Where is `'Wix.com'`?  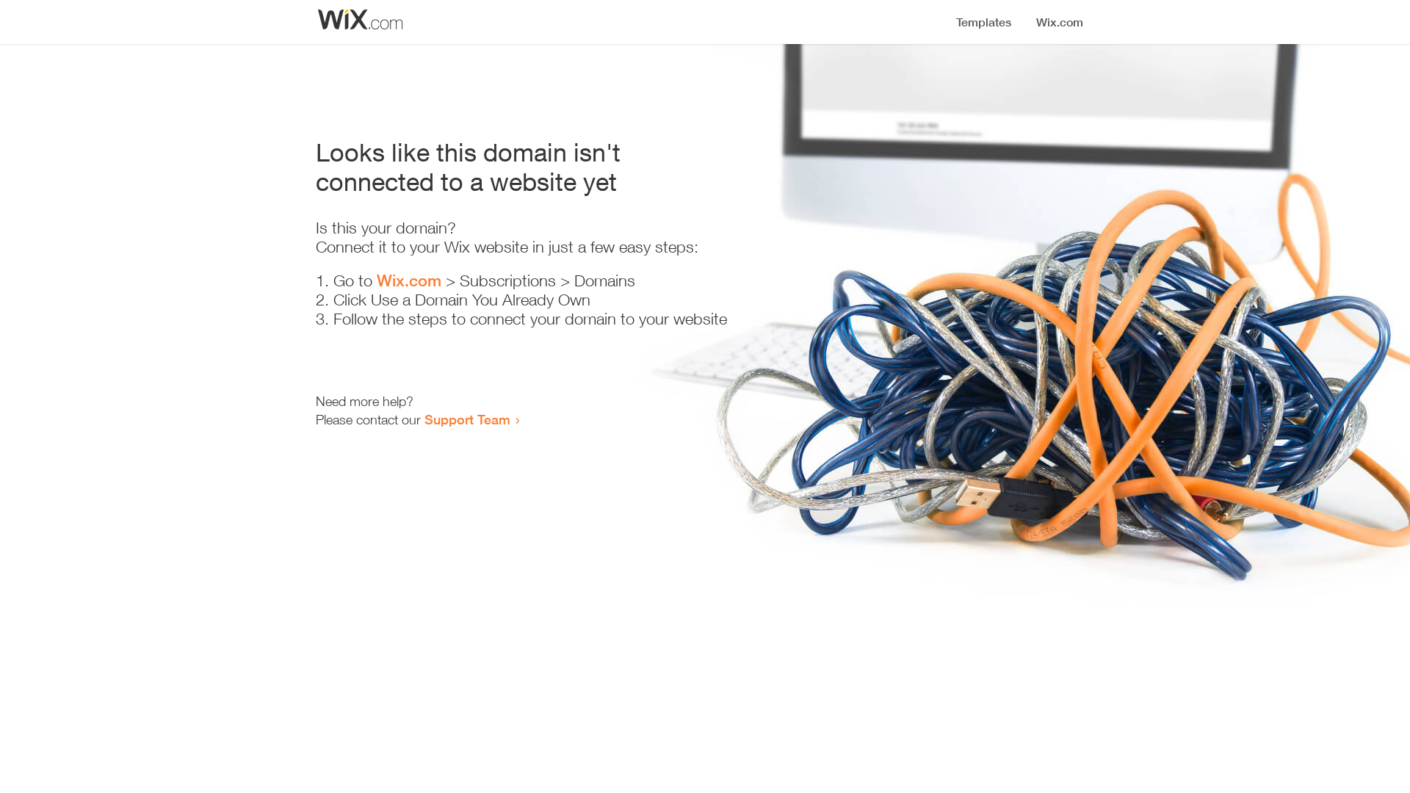 'Wix.com' is located at coordinates (408, 280).